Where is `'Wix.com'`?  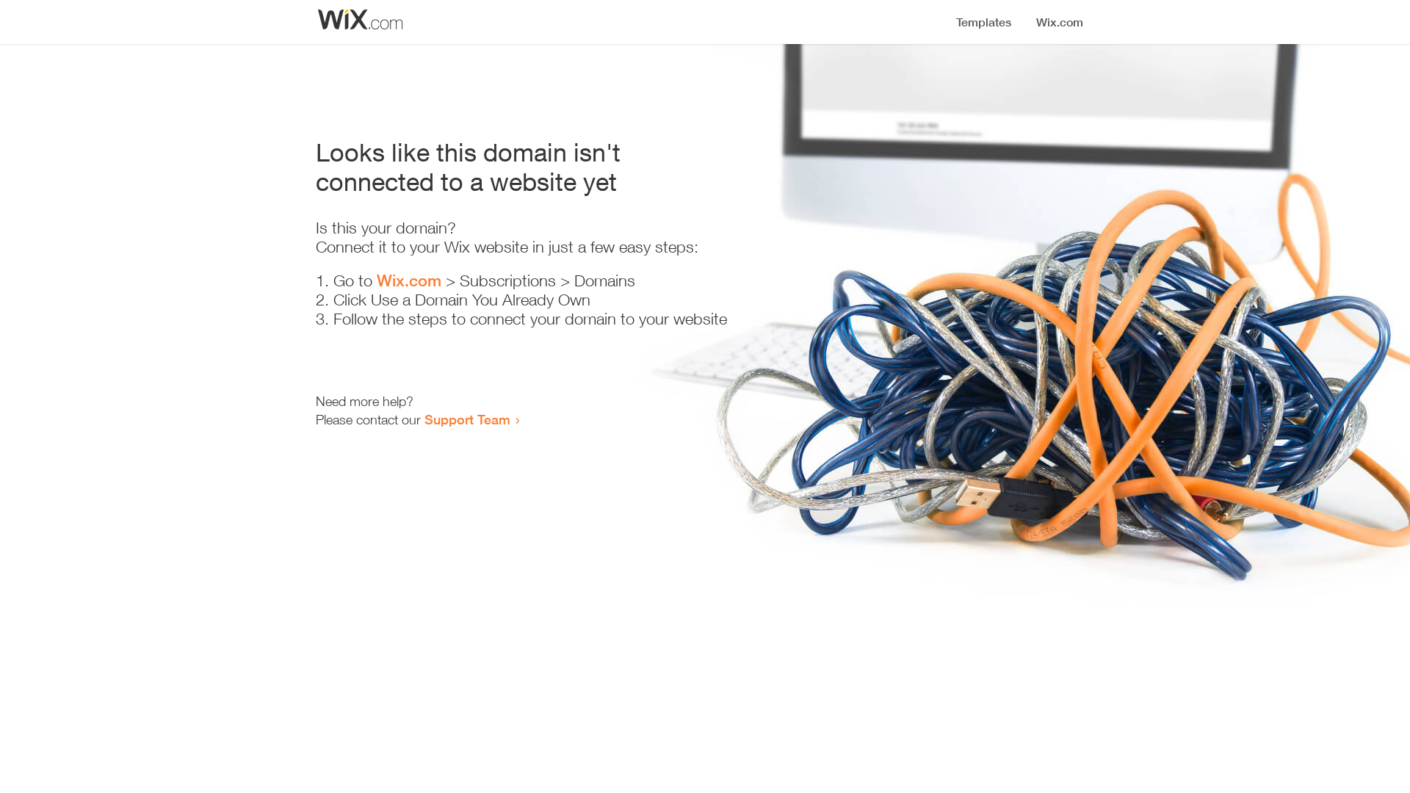 'Wix.com' is located at coordinates (408, 280).